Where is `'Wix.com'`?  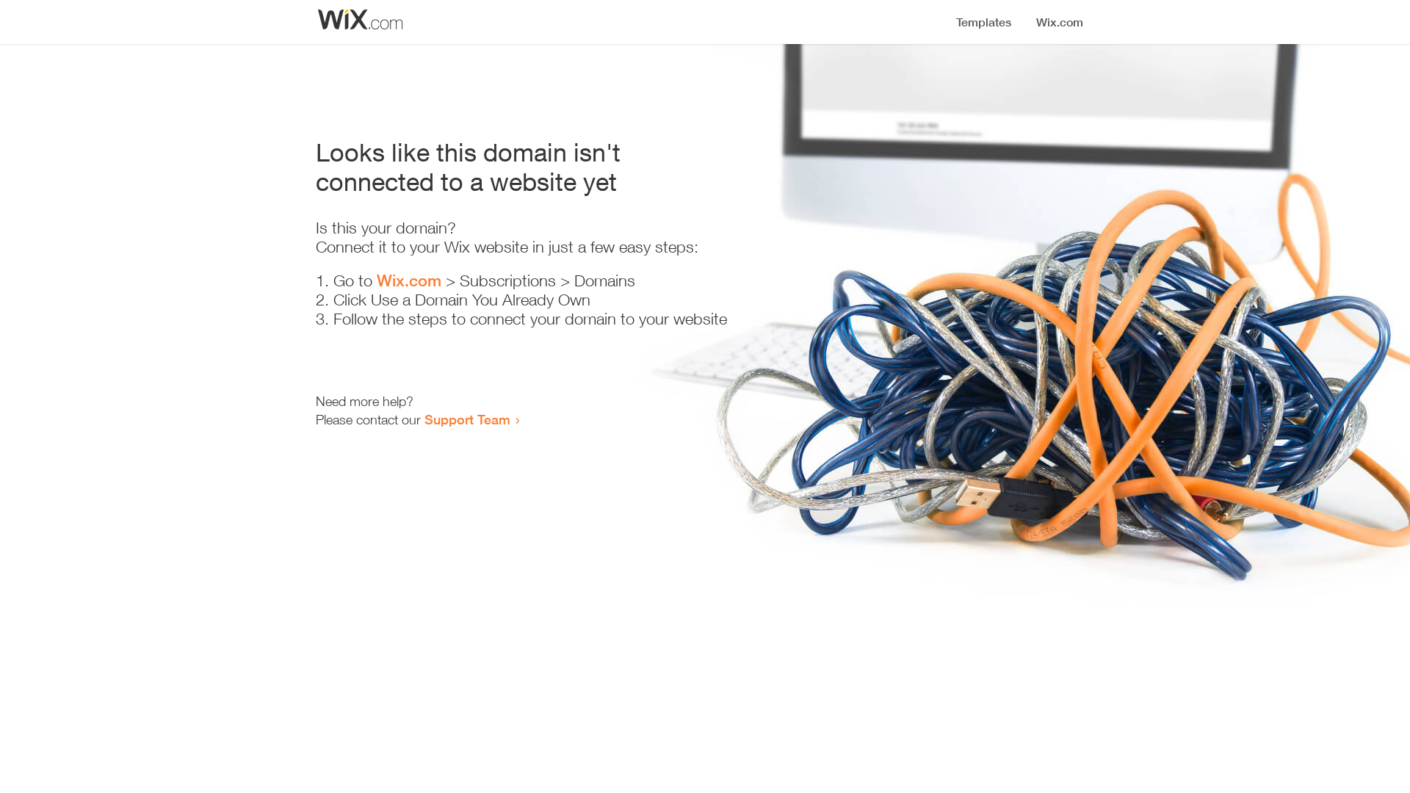 'Wix.com' is located at coordinates (408, 280).